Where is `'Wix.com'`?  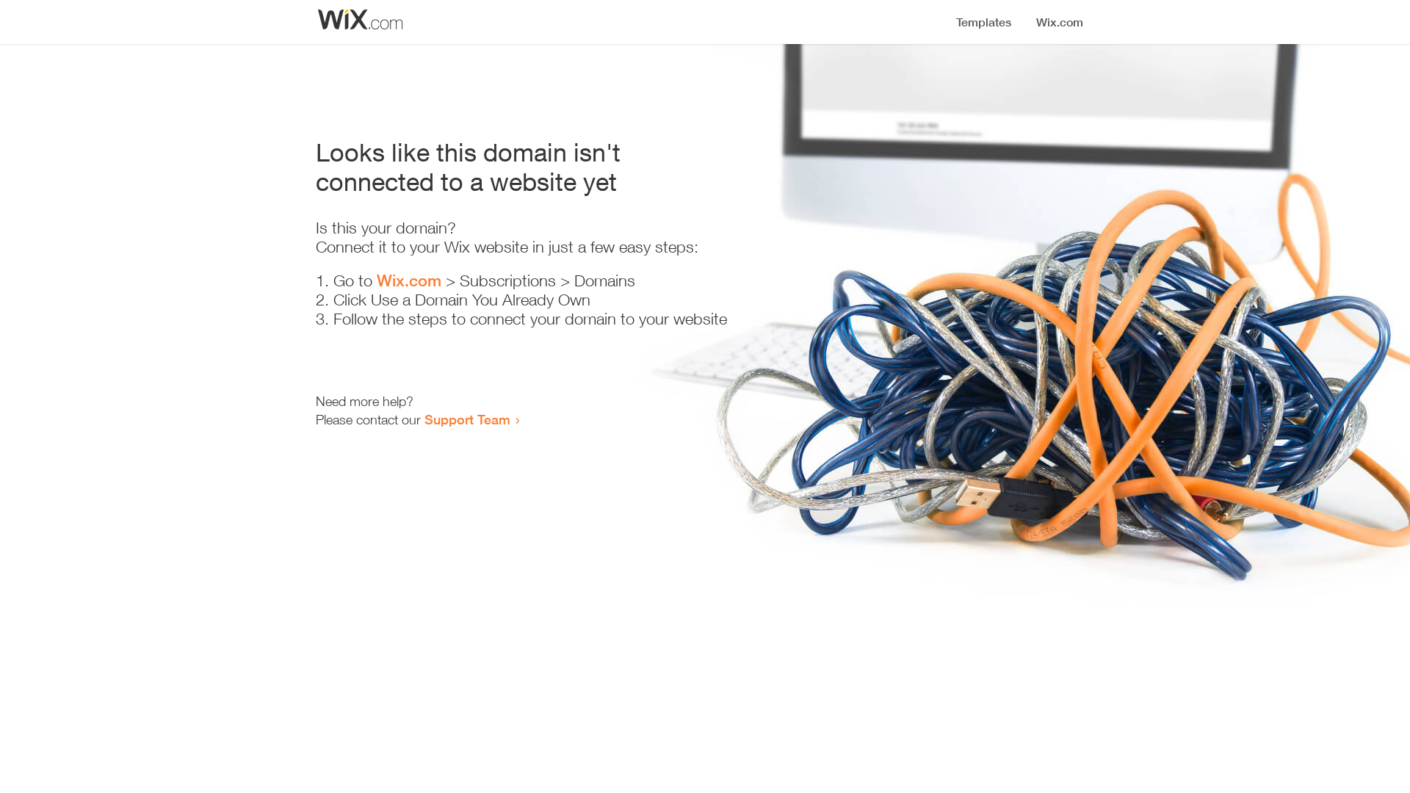 'Wix.com' is located at coordinates (408, 280).